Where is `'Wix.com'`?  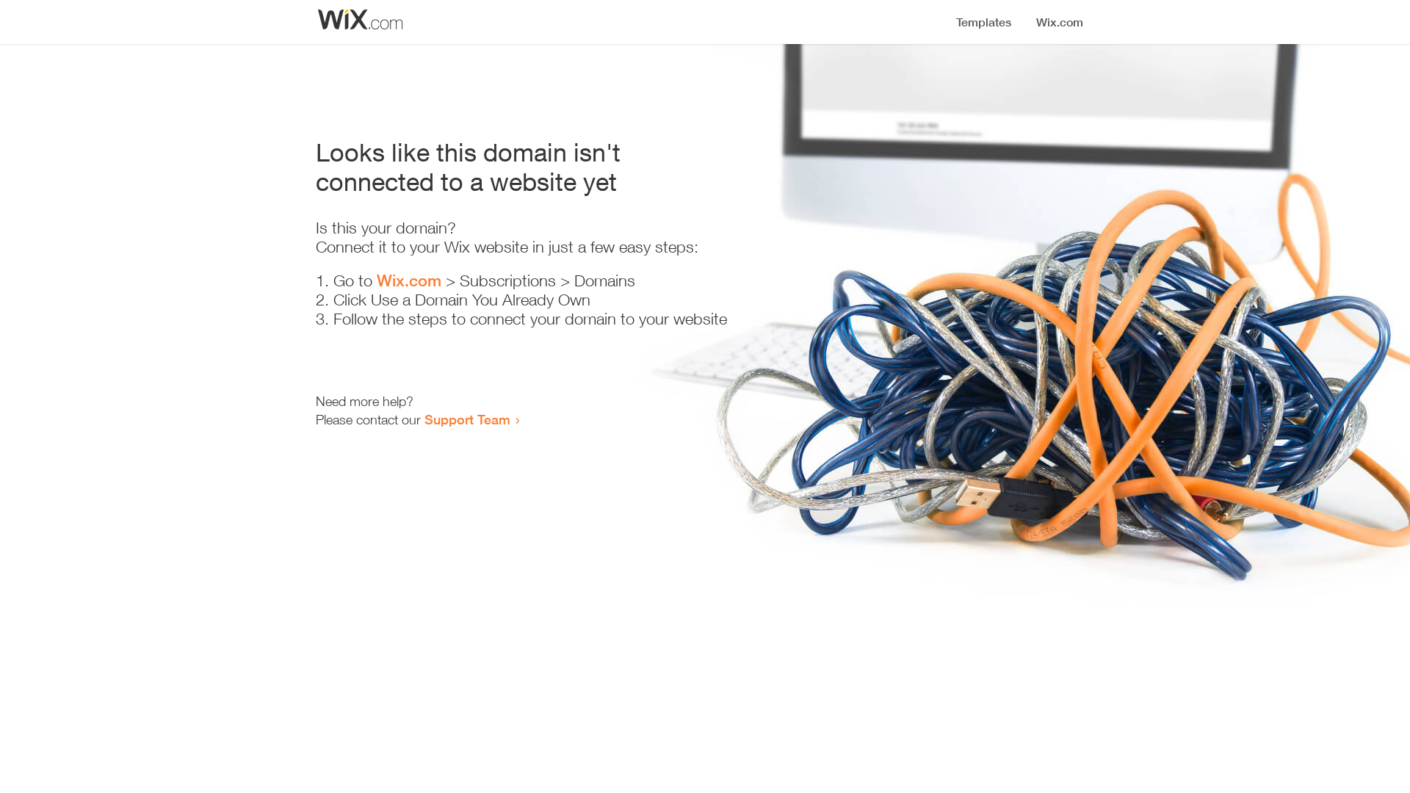 'Wix.com' is located at coordinates (408, 280).